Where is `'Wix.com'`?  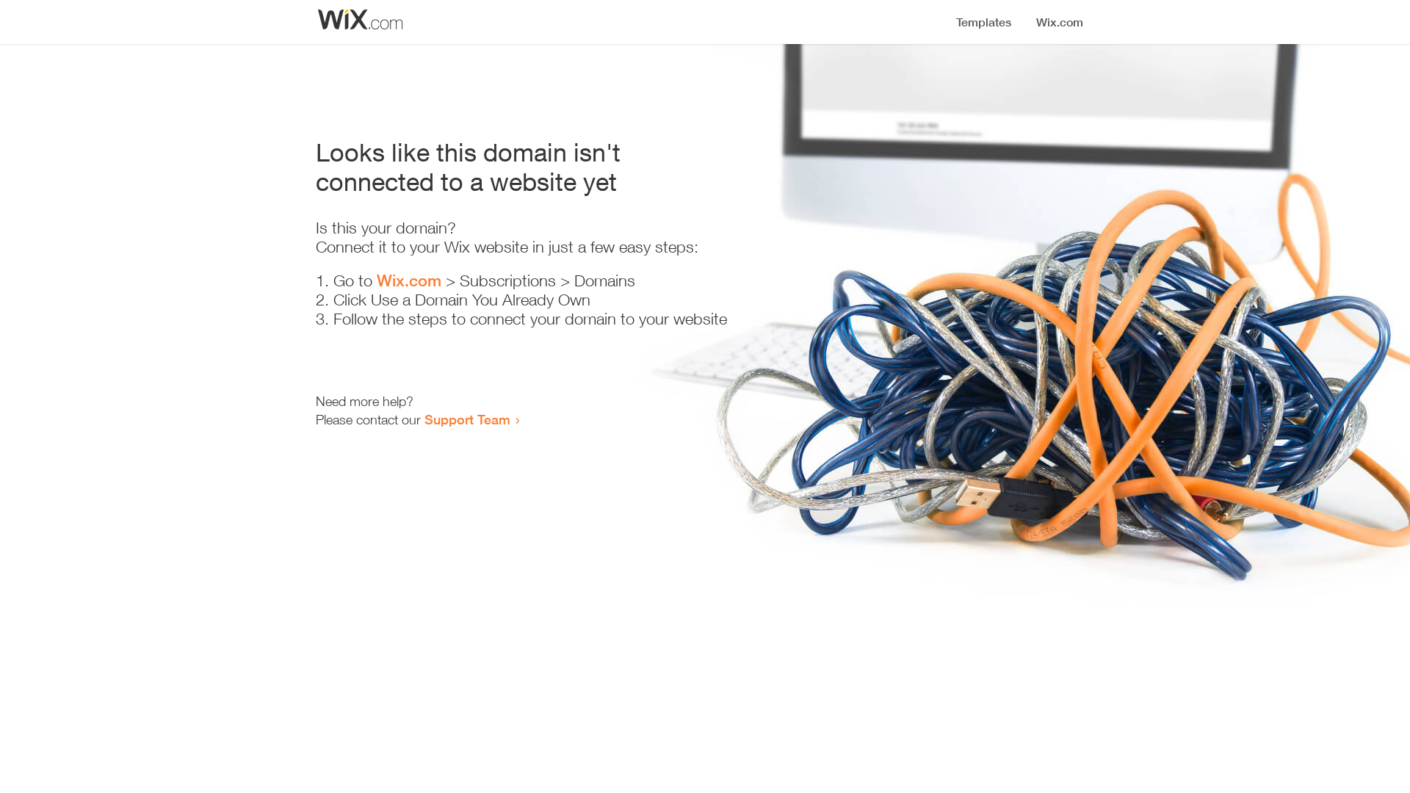 'Wix.com' is located at coordinates (408, 280).